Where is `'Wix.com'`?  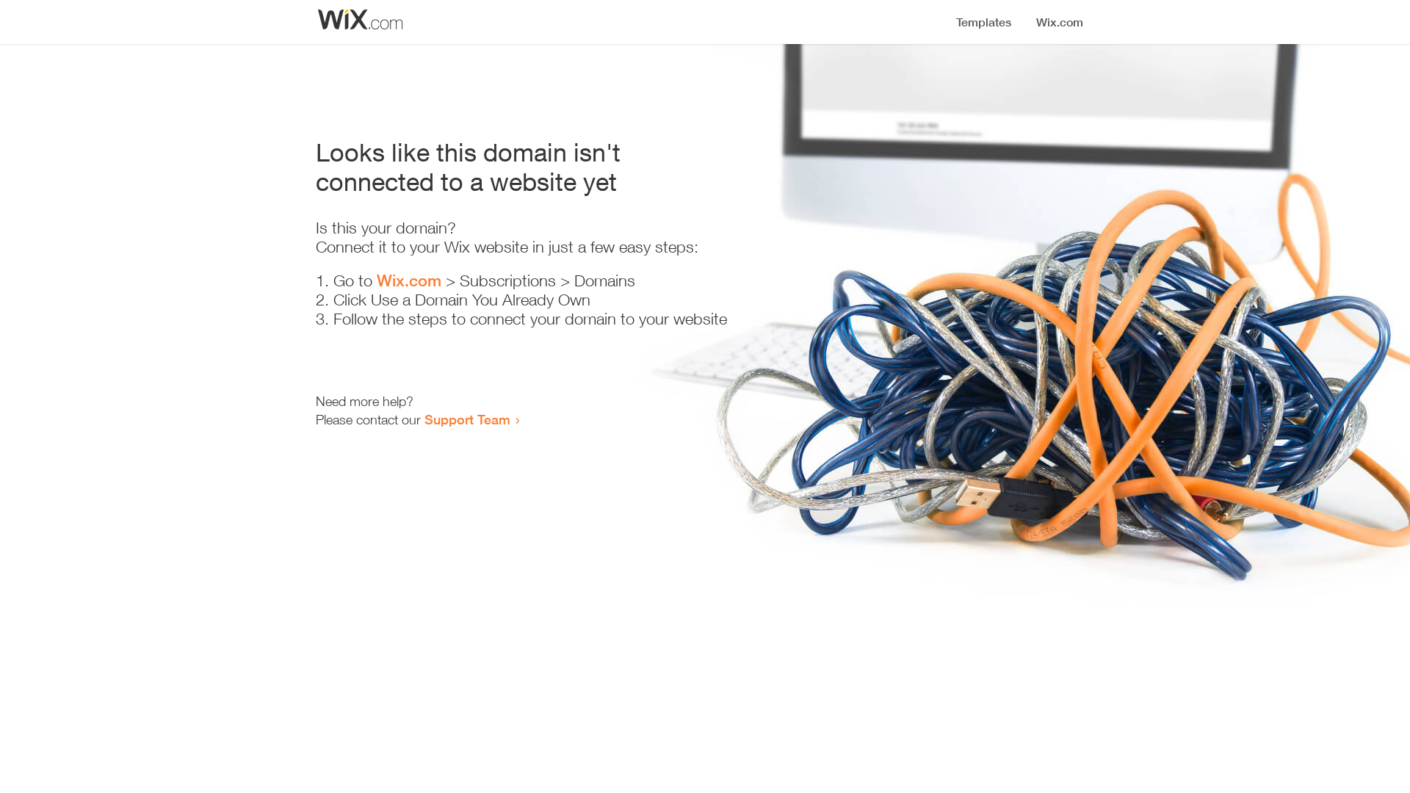 'Wix.com' is located at coordinates (408, 280).